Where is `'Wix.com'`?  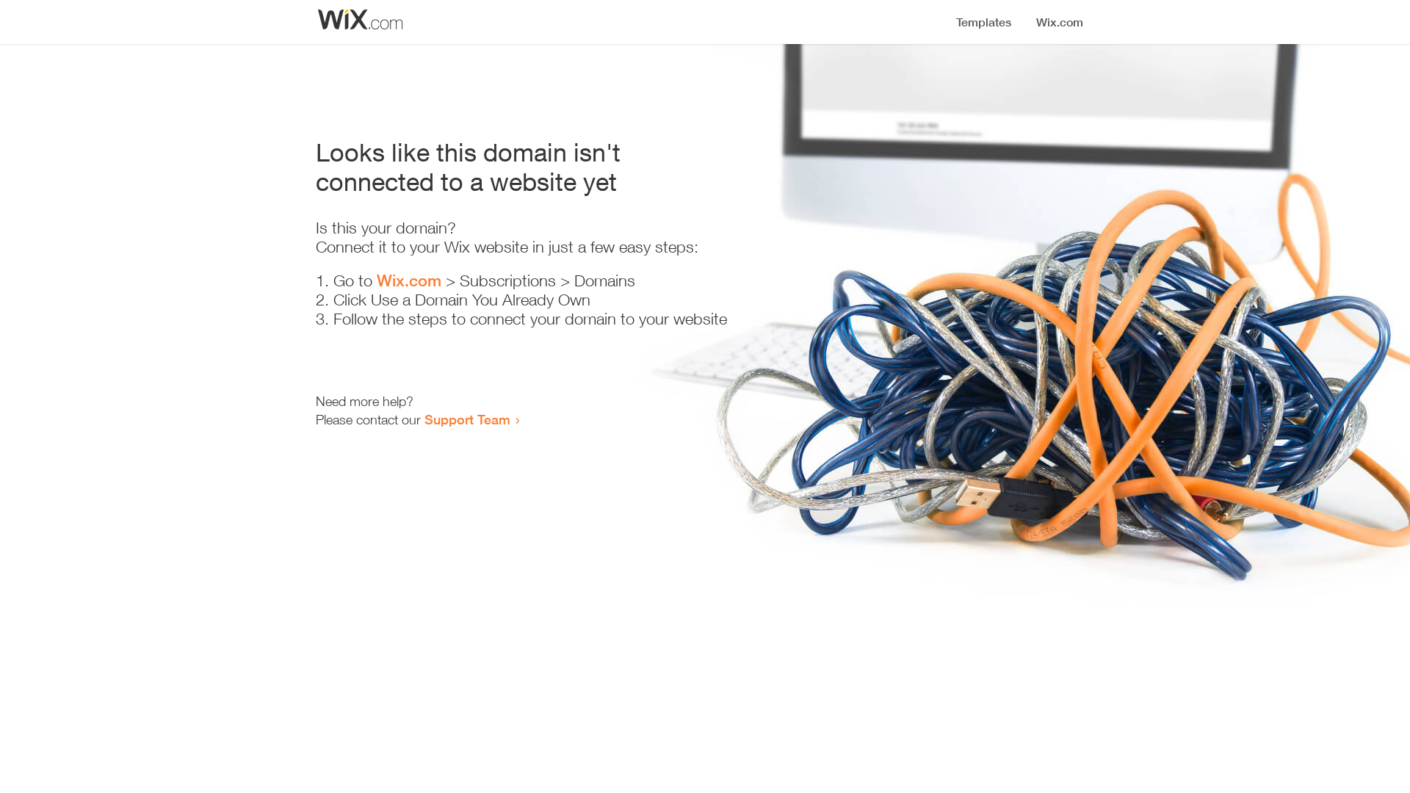 'Wix.com' is located at coordinates (408, 280).